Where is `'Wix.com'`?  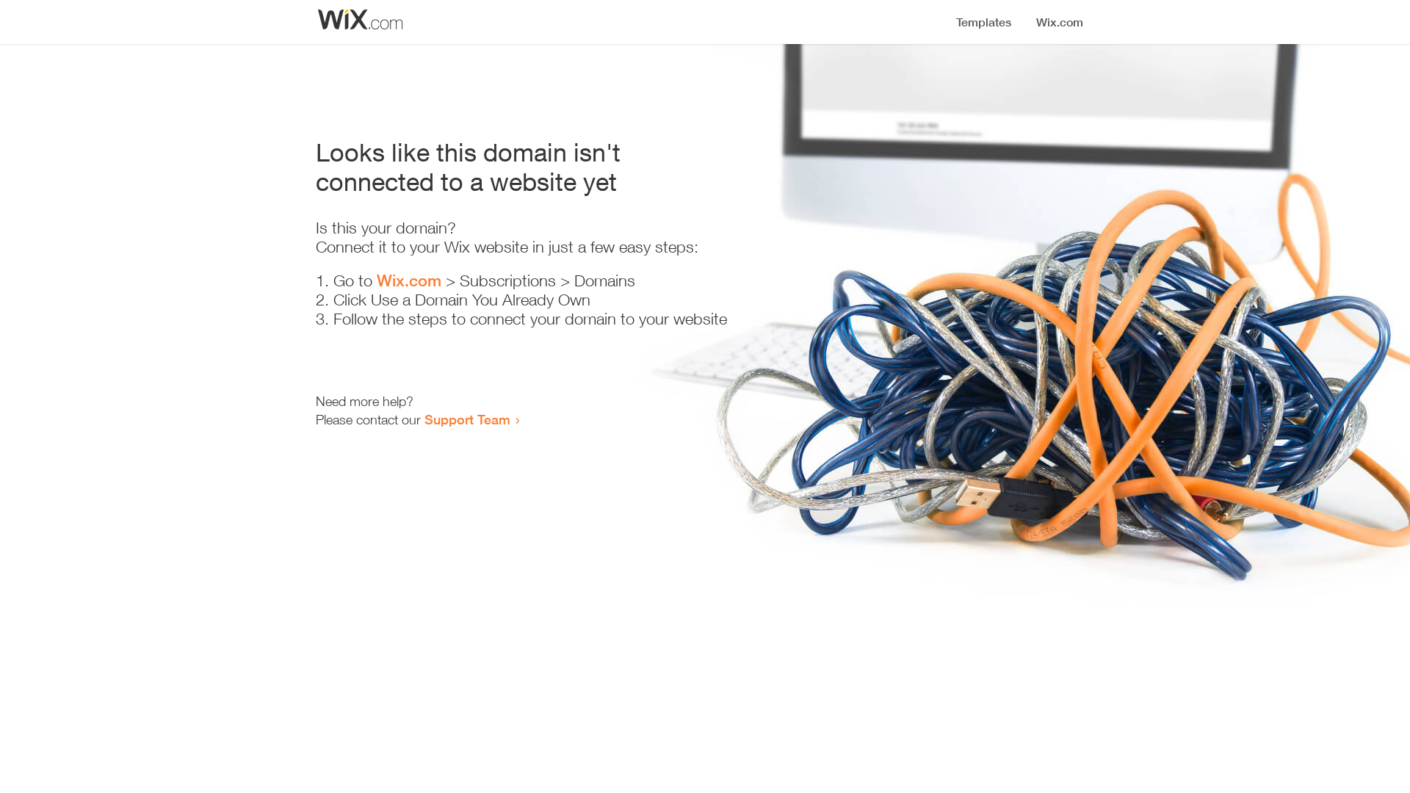 'Wix.com' is located at coordinates (408, 280).